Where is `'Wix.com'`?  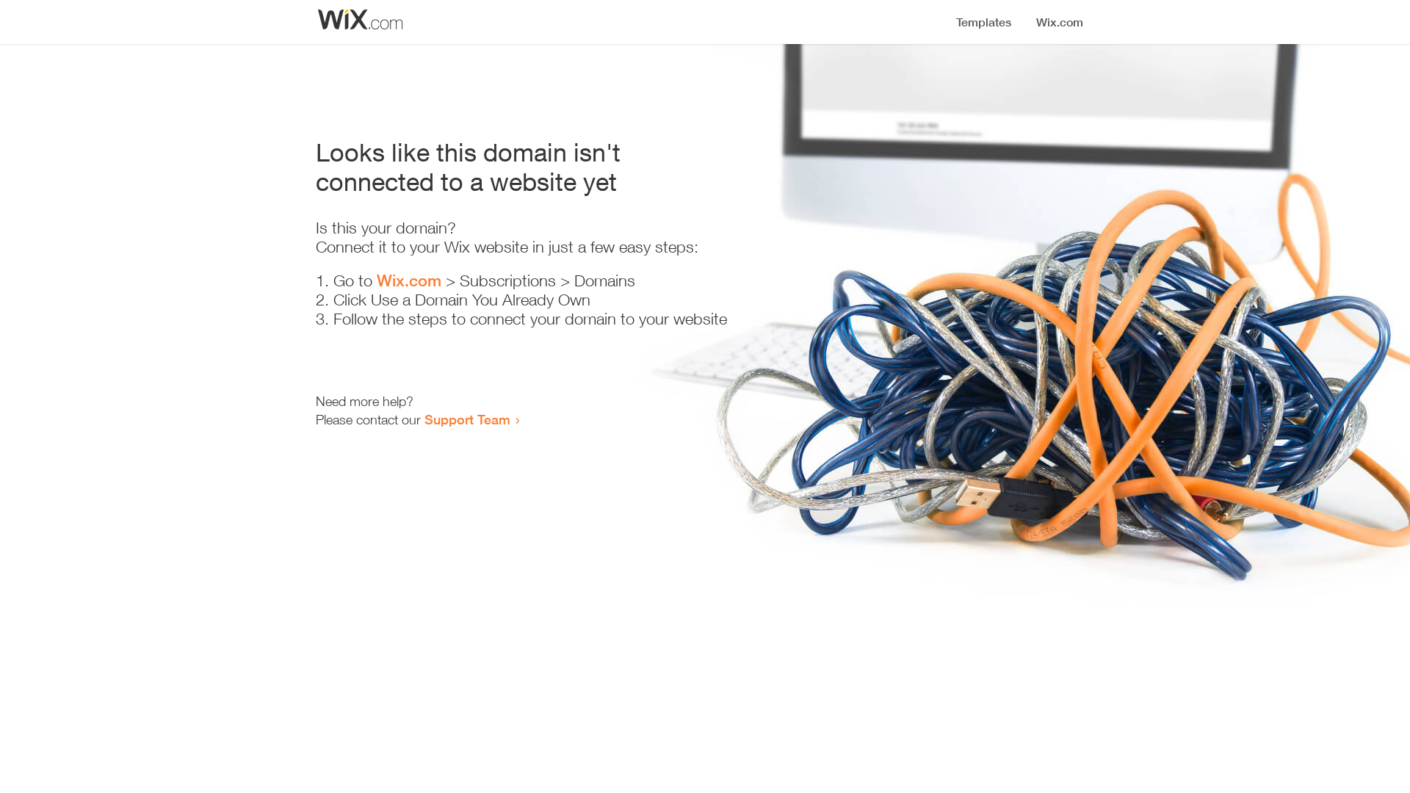 'Wix.com' is located at coordinates (408, 280).